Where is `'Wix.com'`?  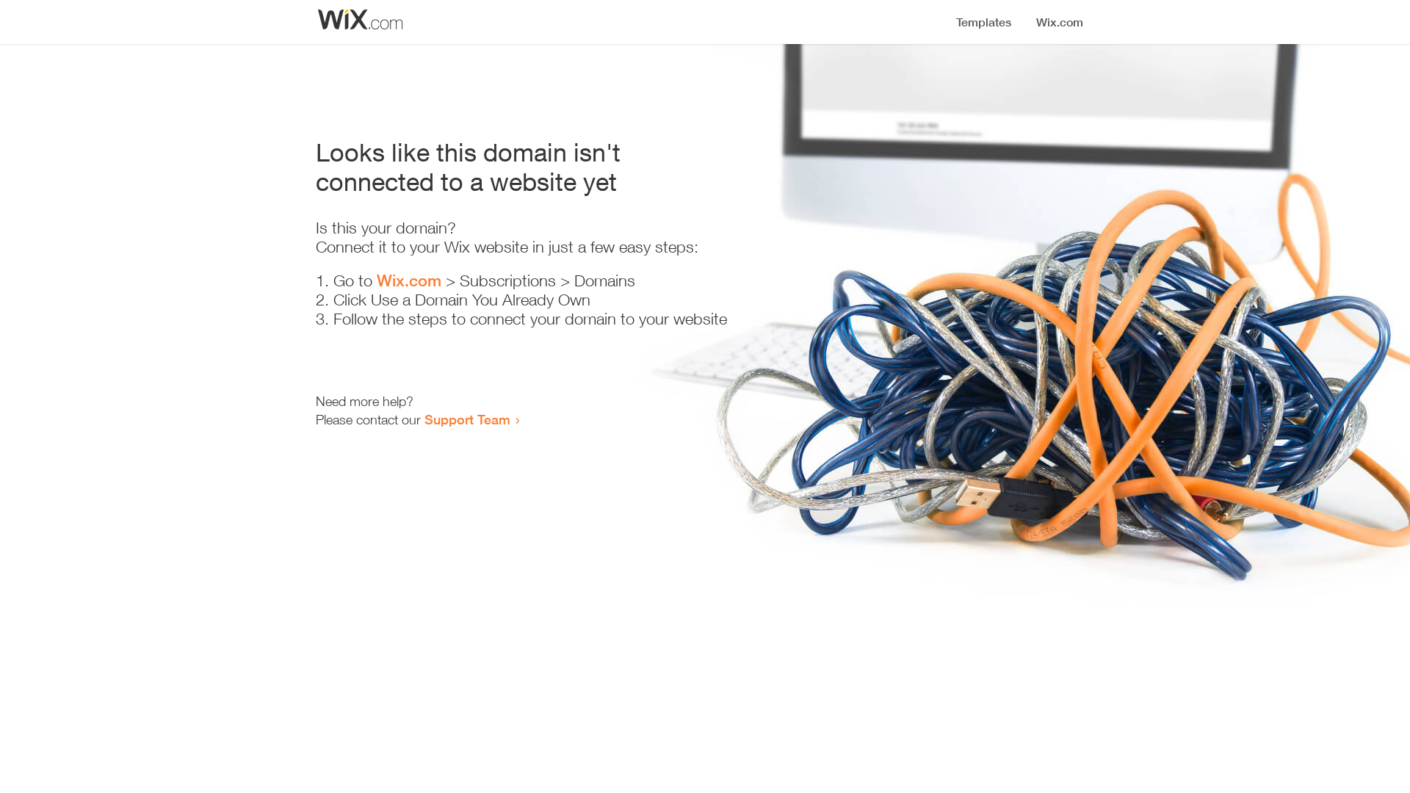 'Wix.com' is located at coordinates (408, 280).